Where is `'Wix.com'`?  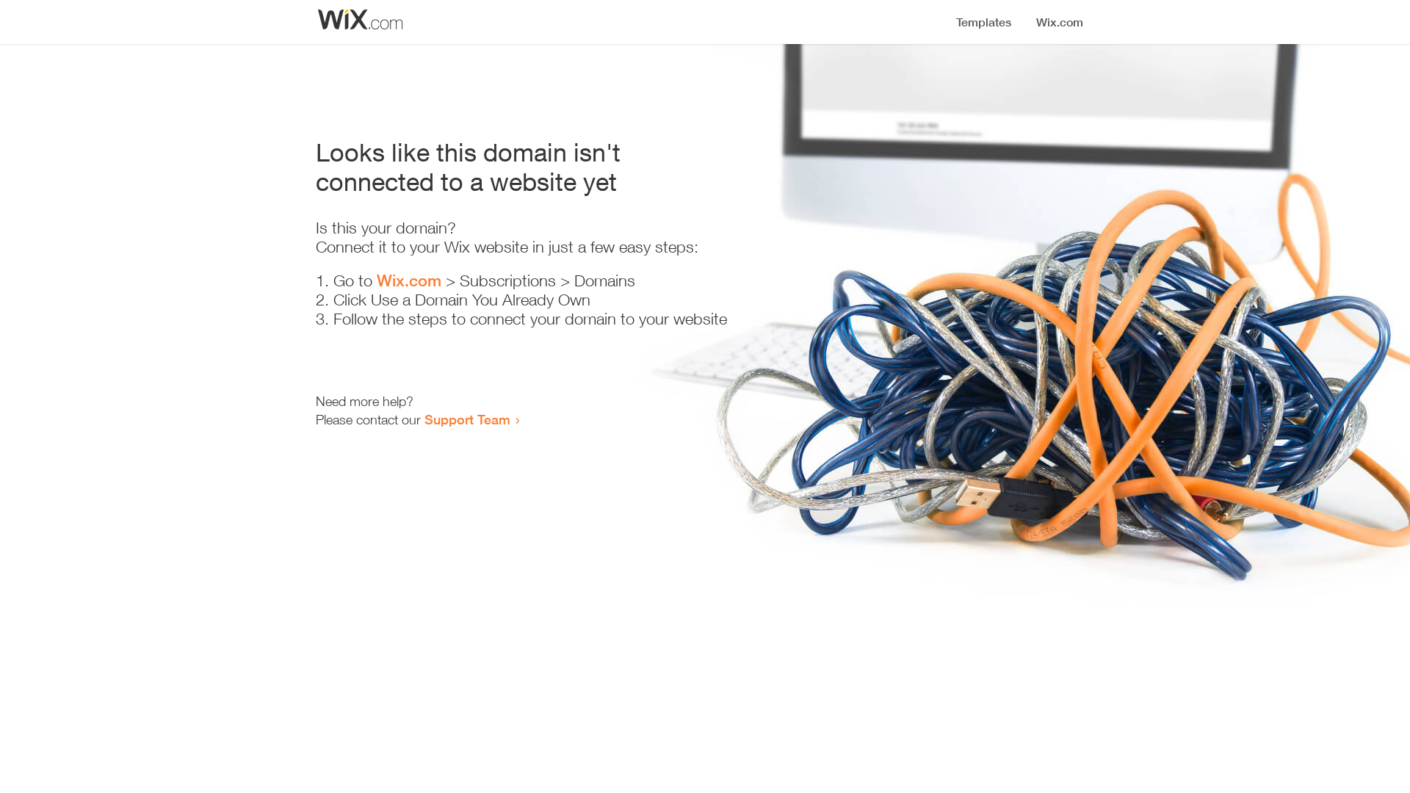 'Wix.com' is located at coordinates (408, 280).